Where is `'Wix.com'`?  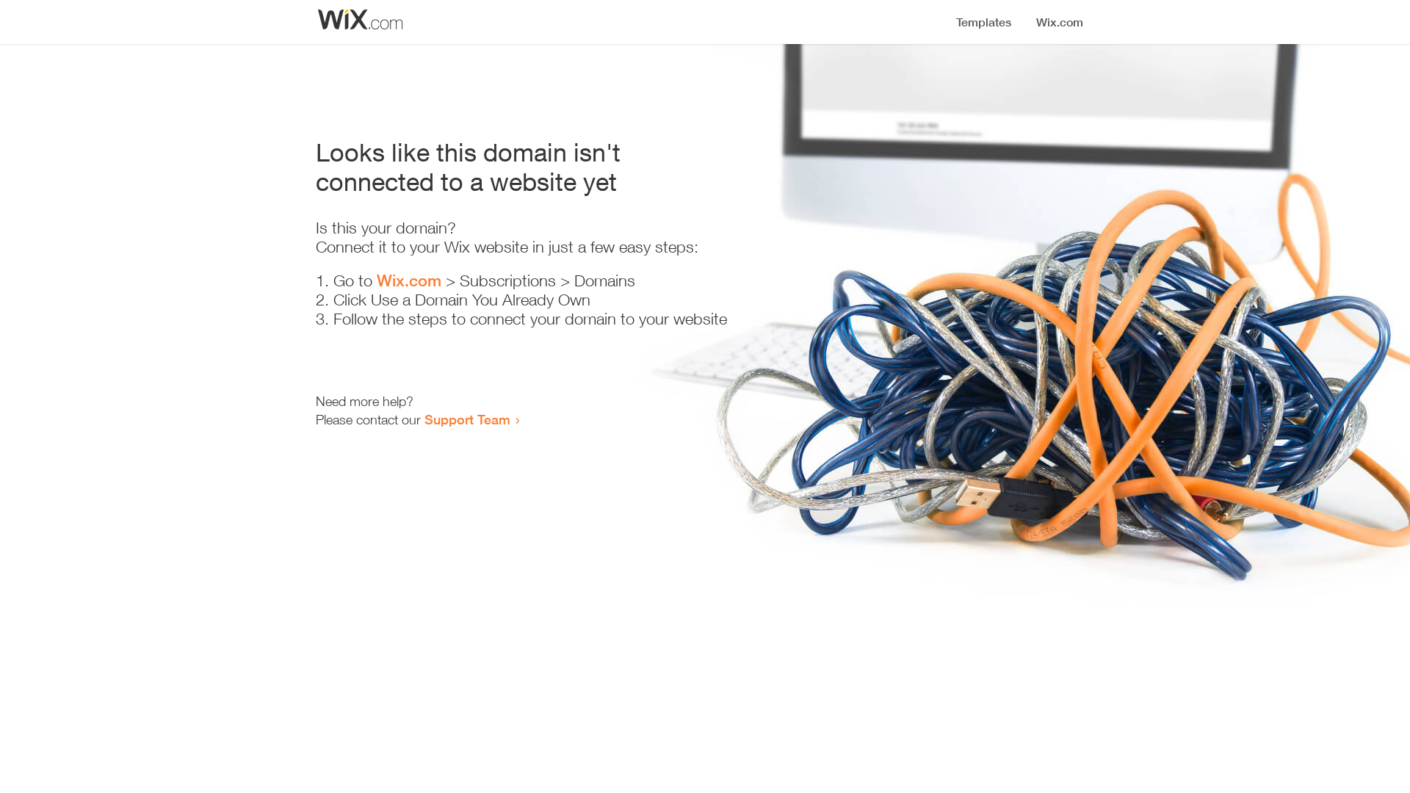 'Wix.com' is located at coordinates (408, 280).